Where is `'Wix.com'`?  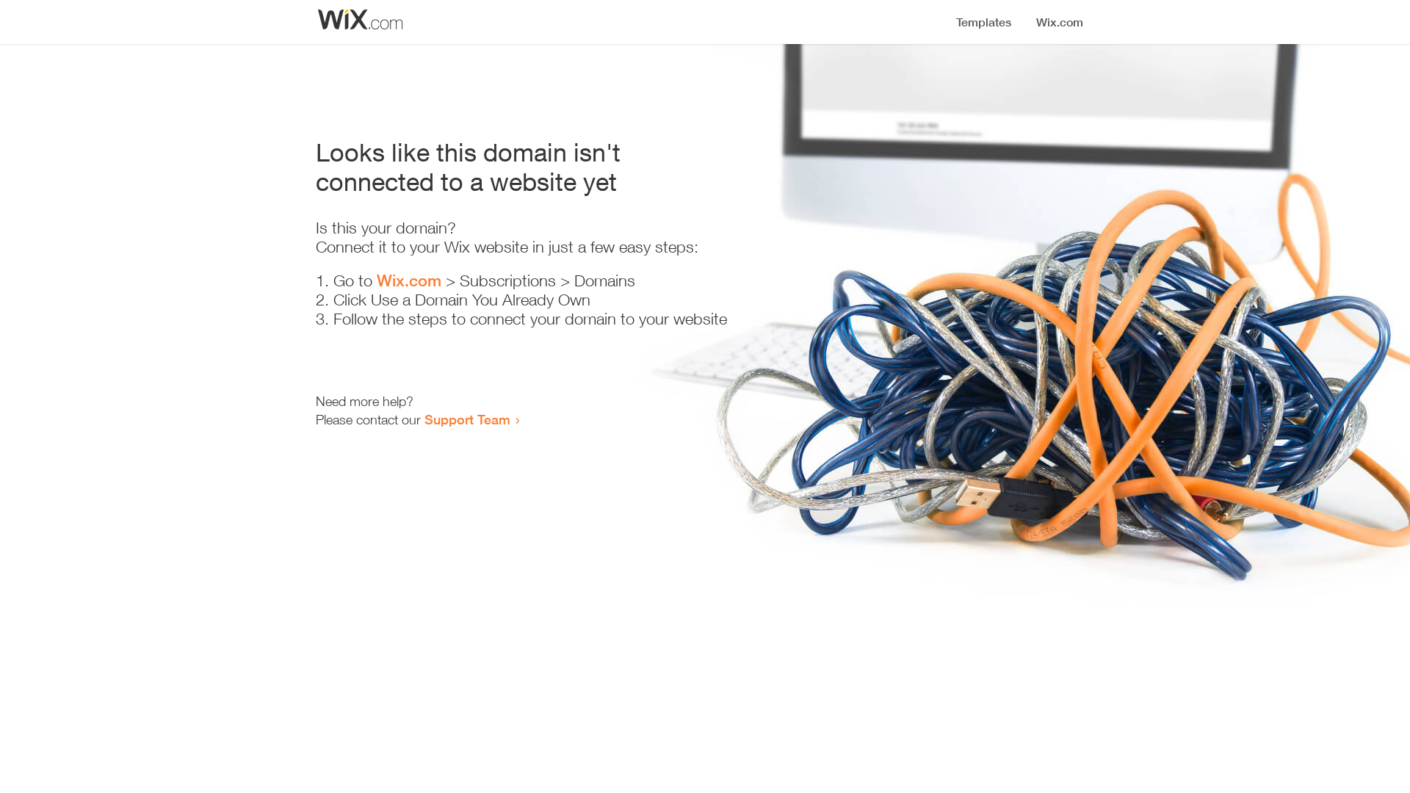 'Wix.com' is located at coordinates (408, 280).